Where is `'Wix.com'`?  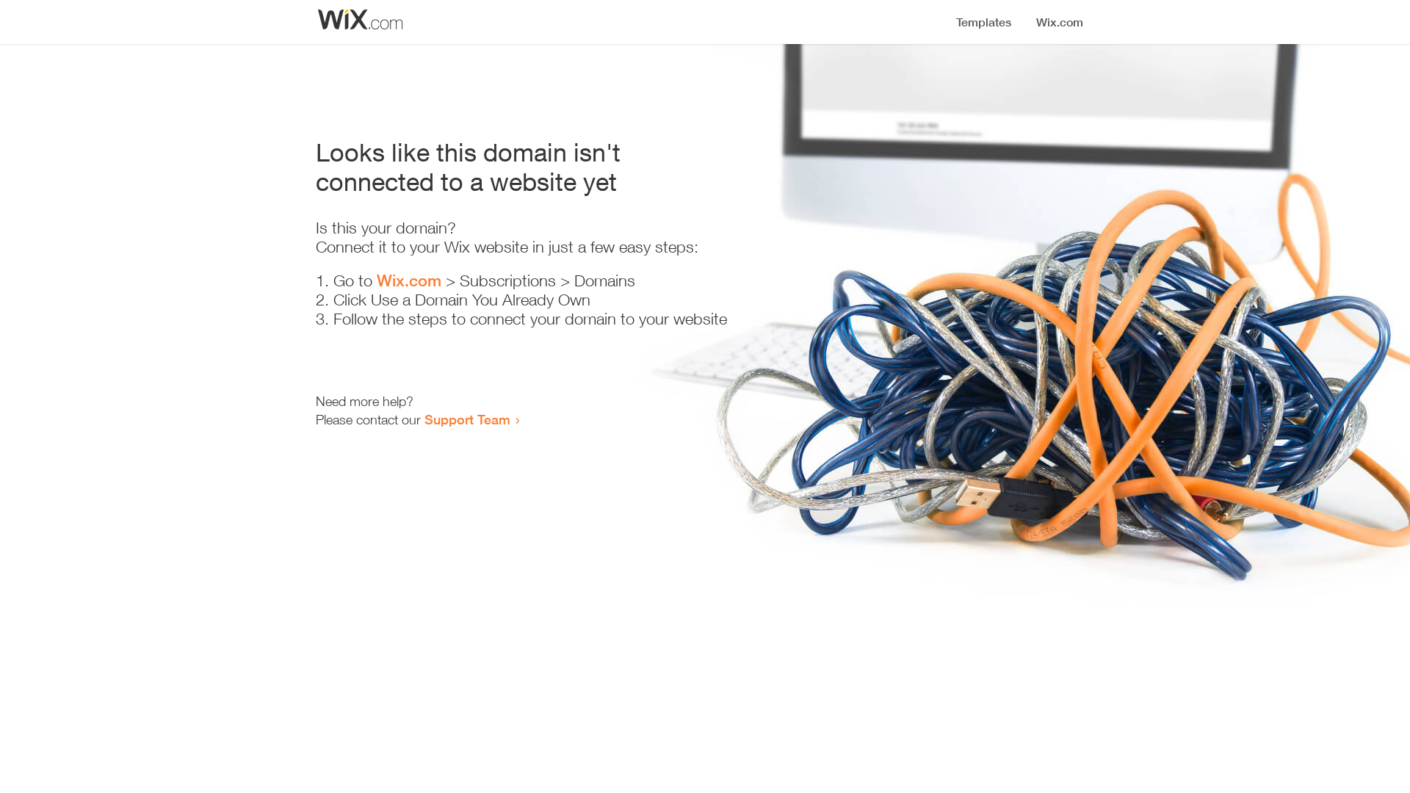 'Wix.com' is located at coordinates (408, 280).